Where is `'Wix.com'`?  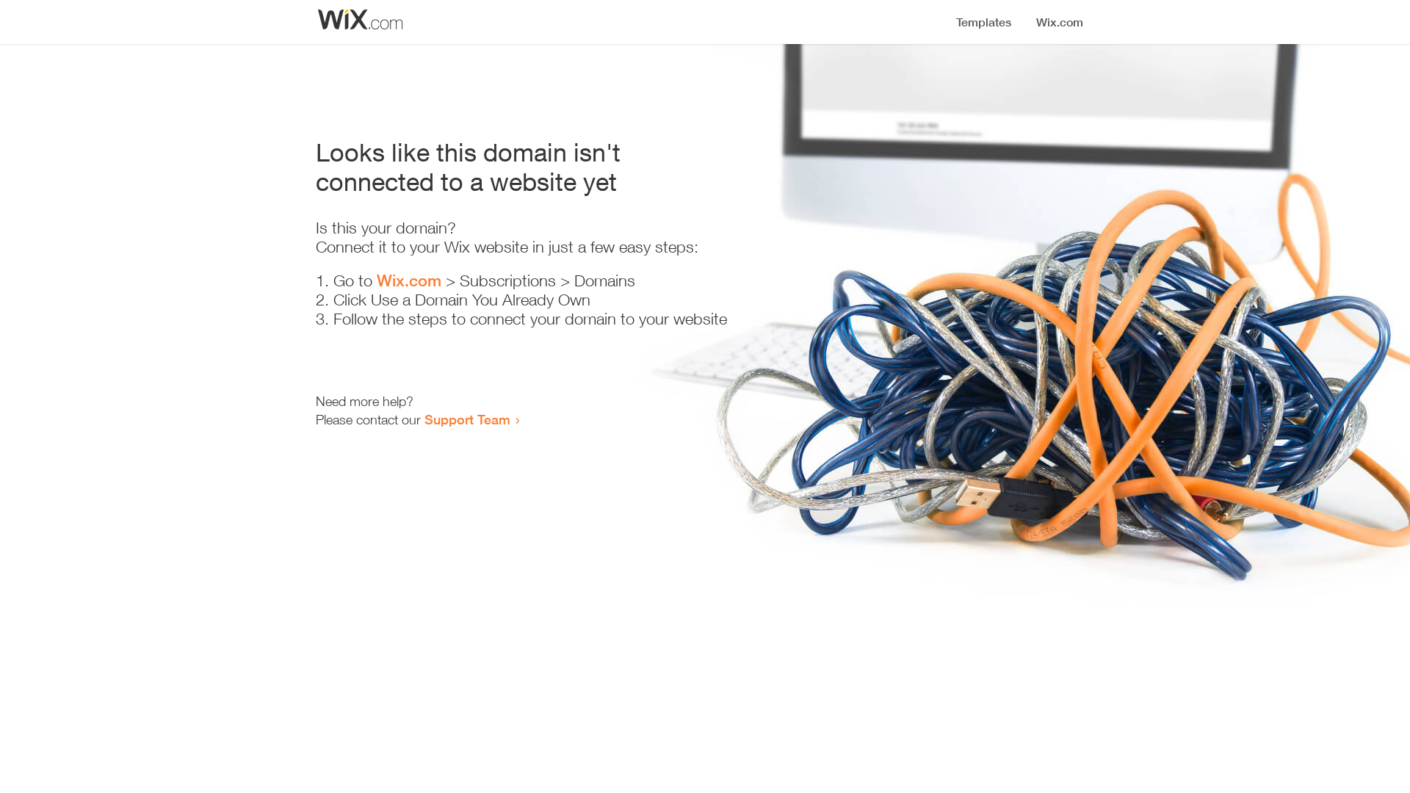 'Wix.com' is located at coordinates (408, 280).